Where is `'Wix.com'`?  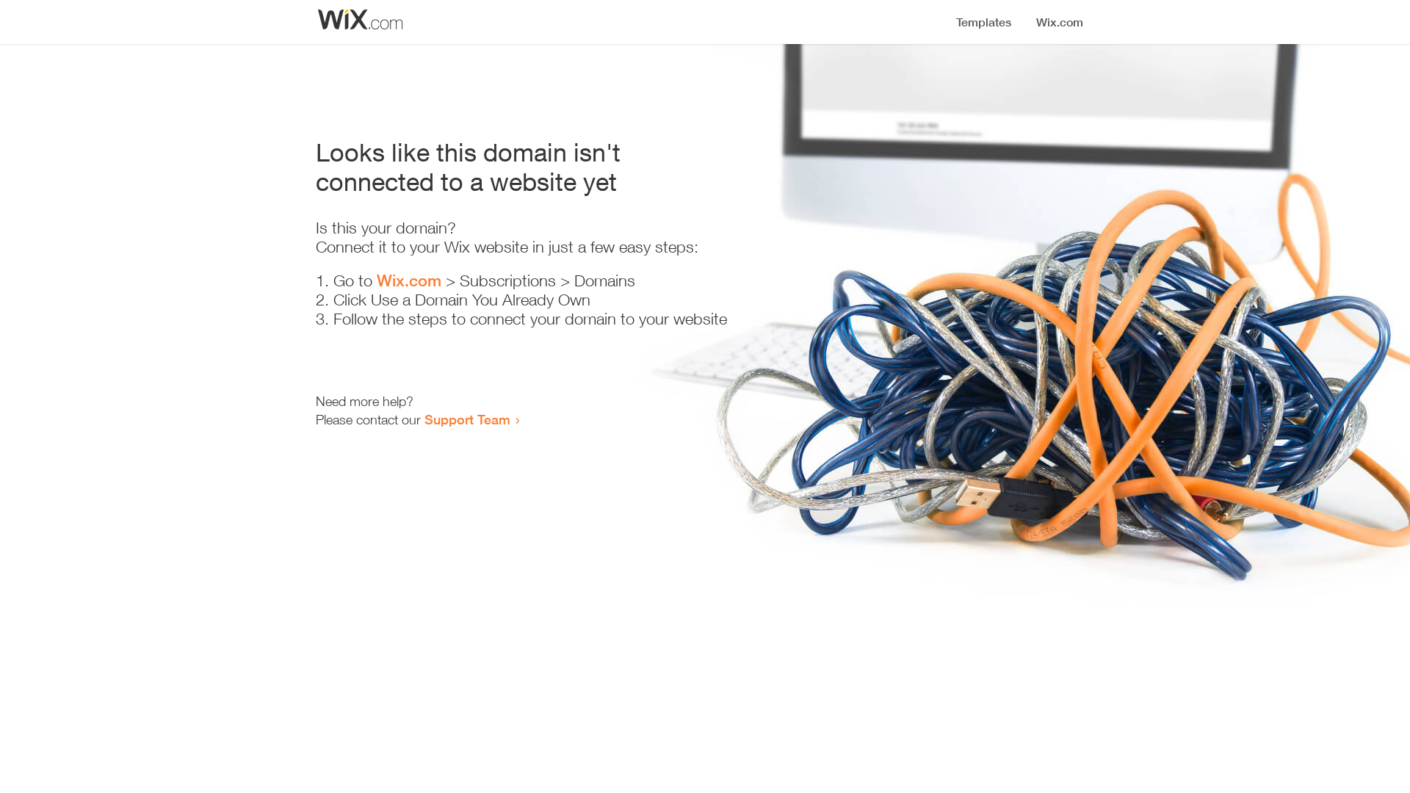 'Wix.com' is located at coordinates (408, 280).